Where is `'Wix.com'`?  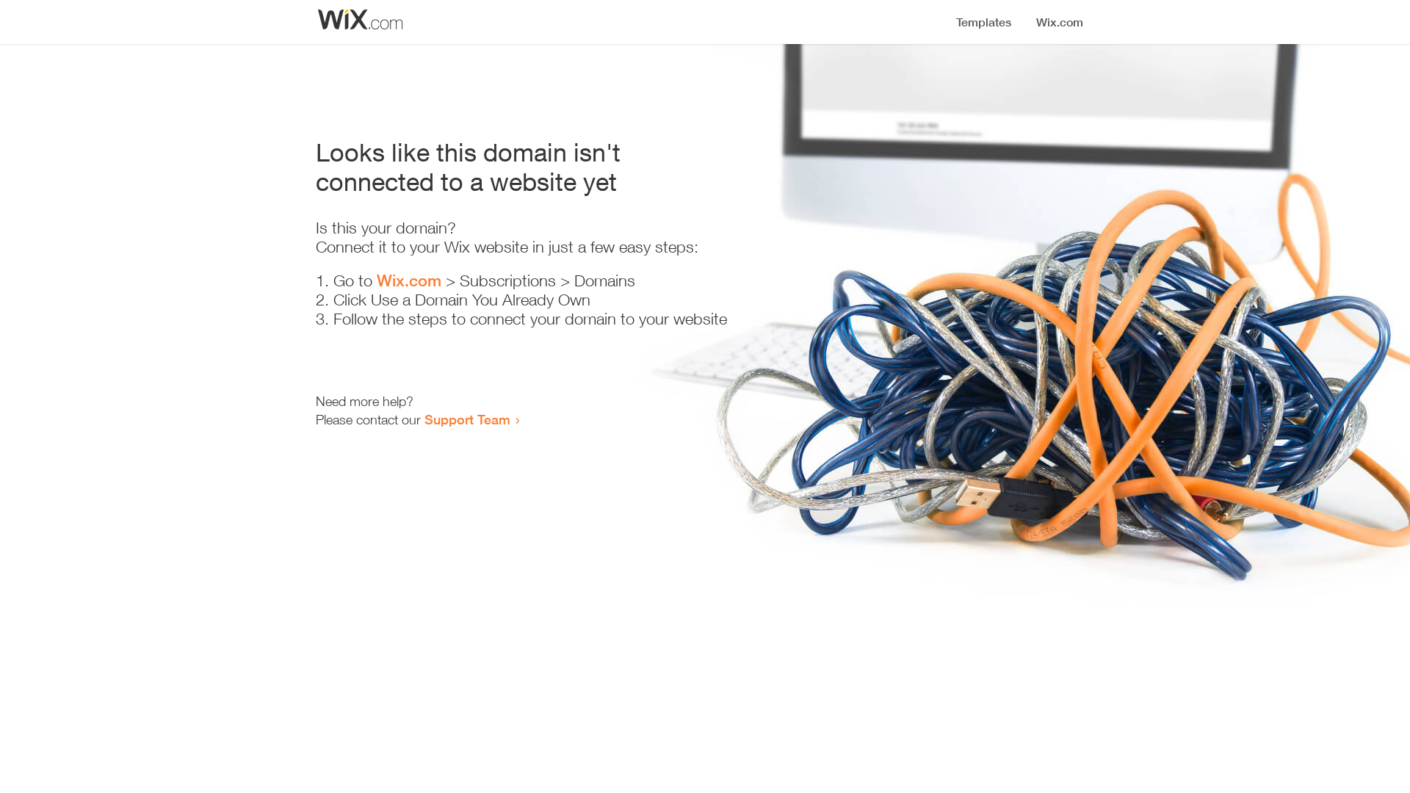 'Wix.com' is located at coordinates (408, 280).